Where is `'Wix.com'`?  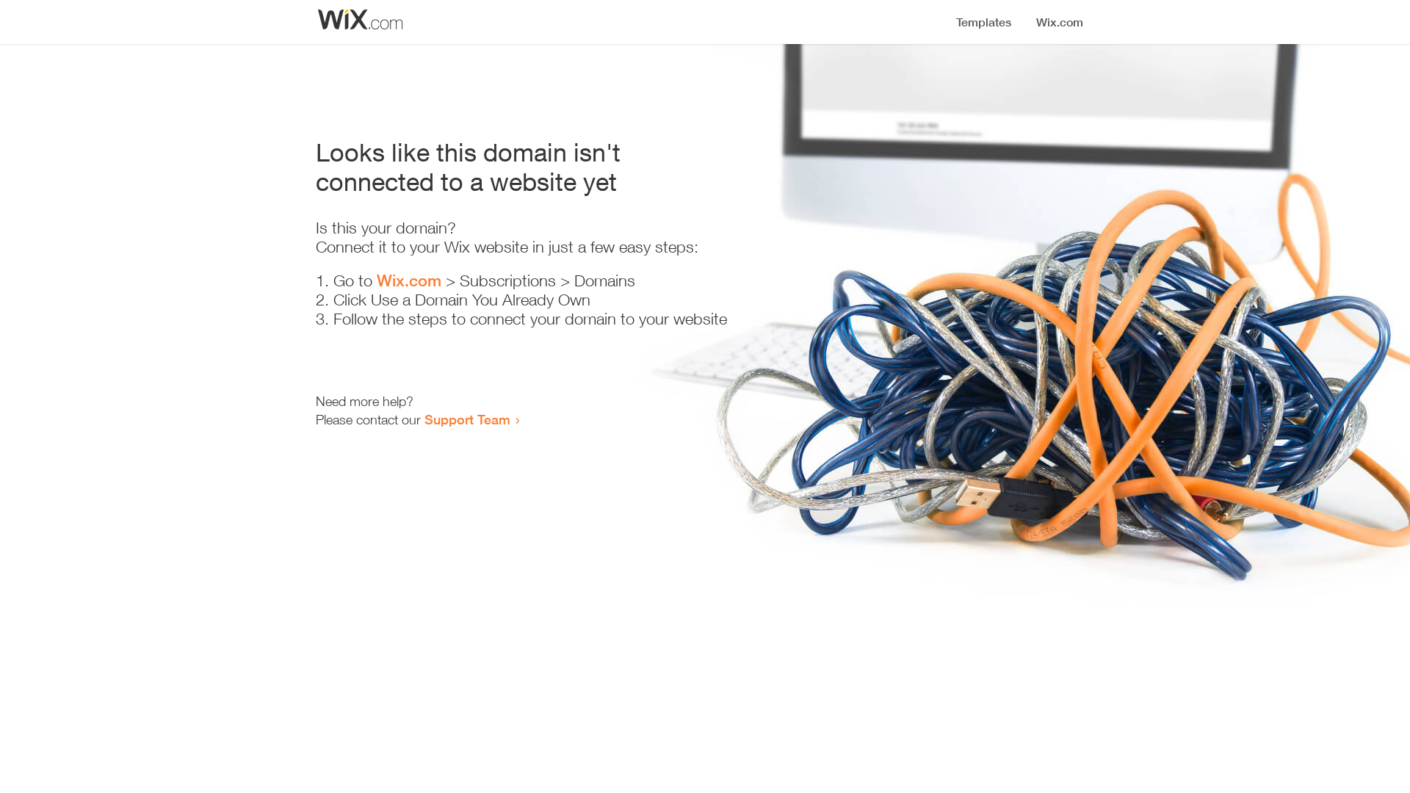 'Wix.com' is located at coordinates (408, 280).